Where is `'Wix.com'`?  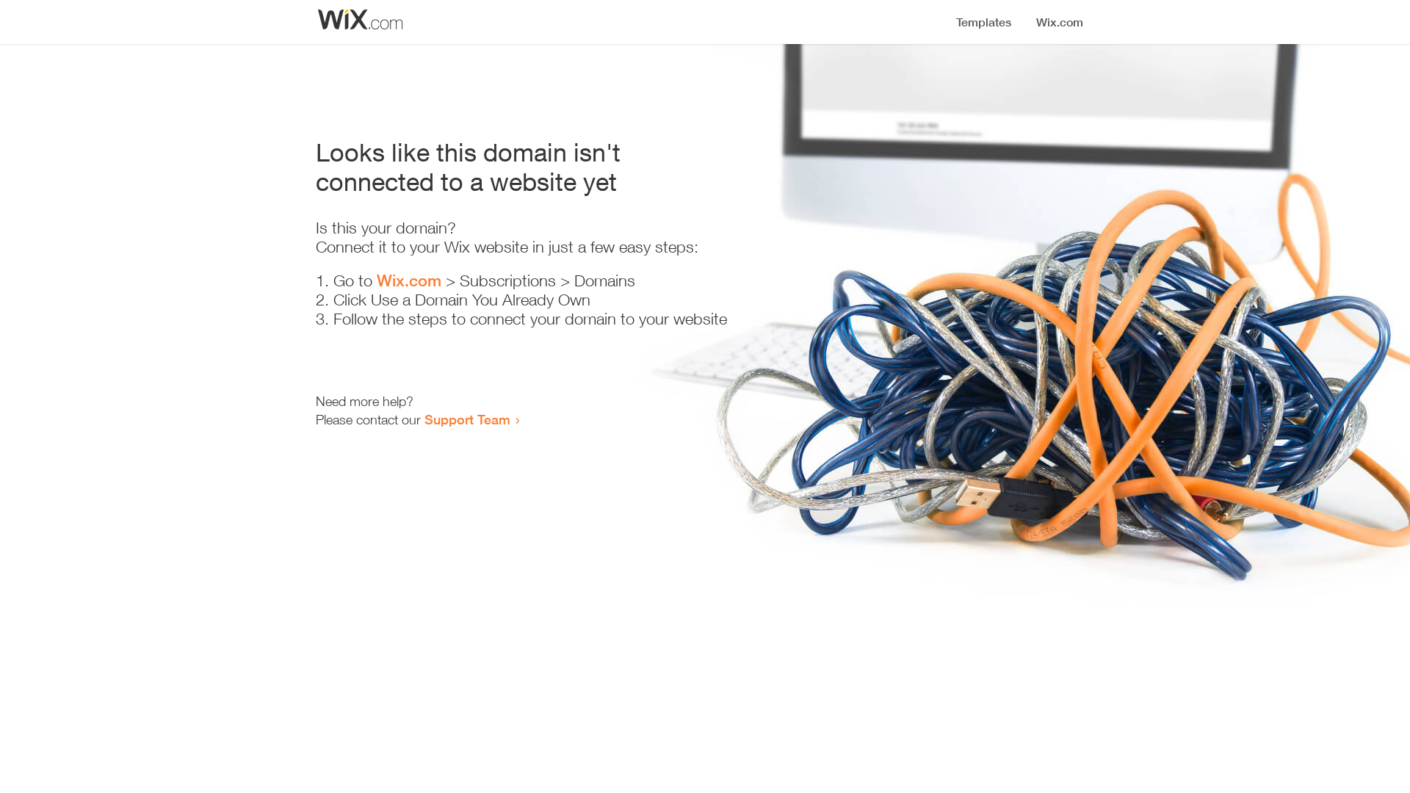 'Wix.com' is located at coordinates (408, 280).